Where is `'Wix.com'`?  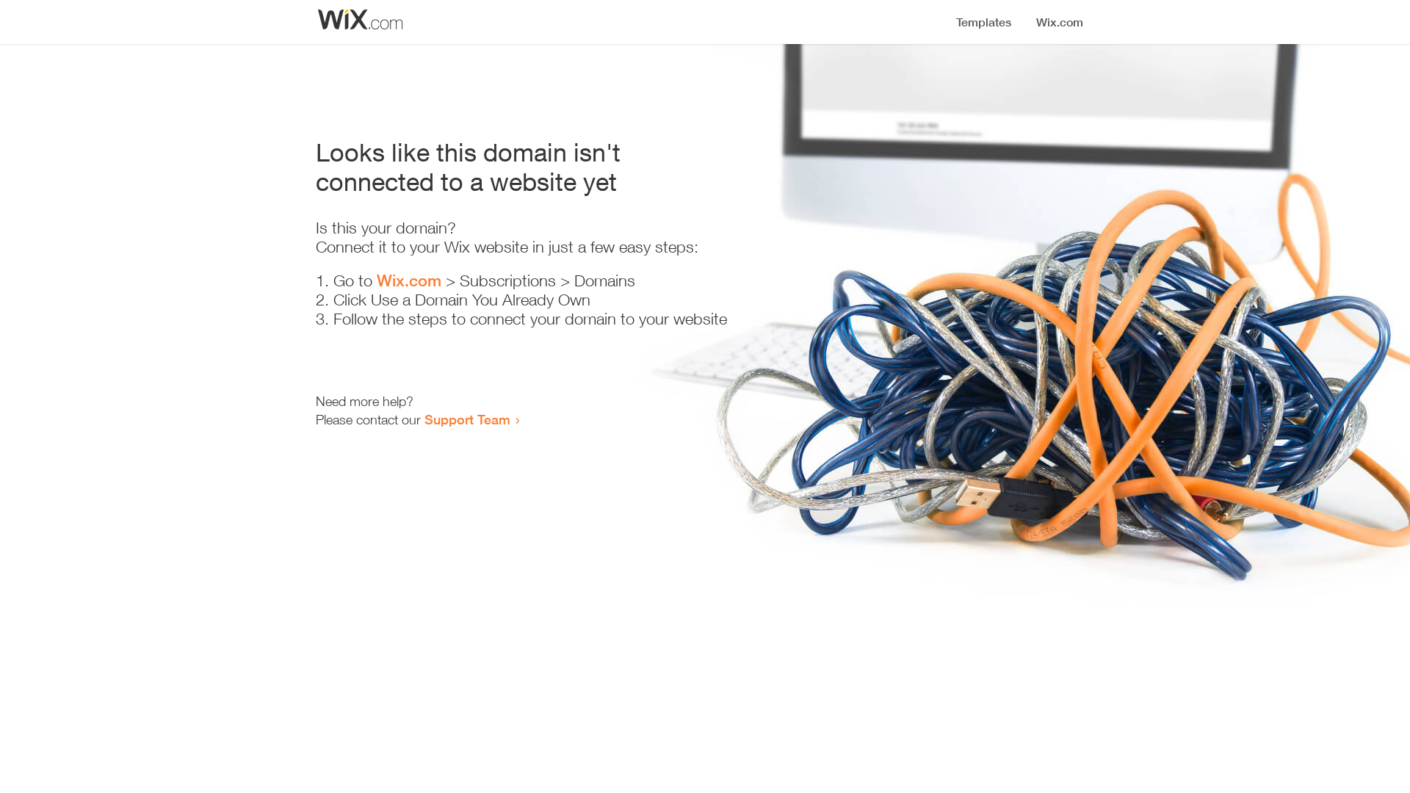 'Wix.com' is located at coordinates (408, 280).